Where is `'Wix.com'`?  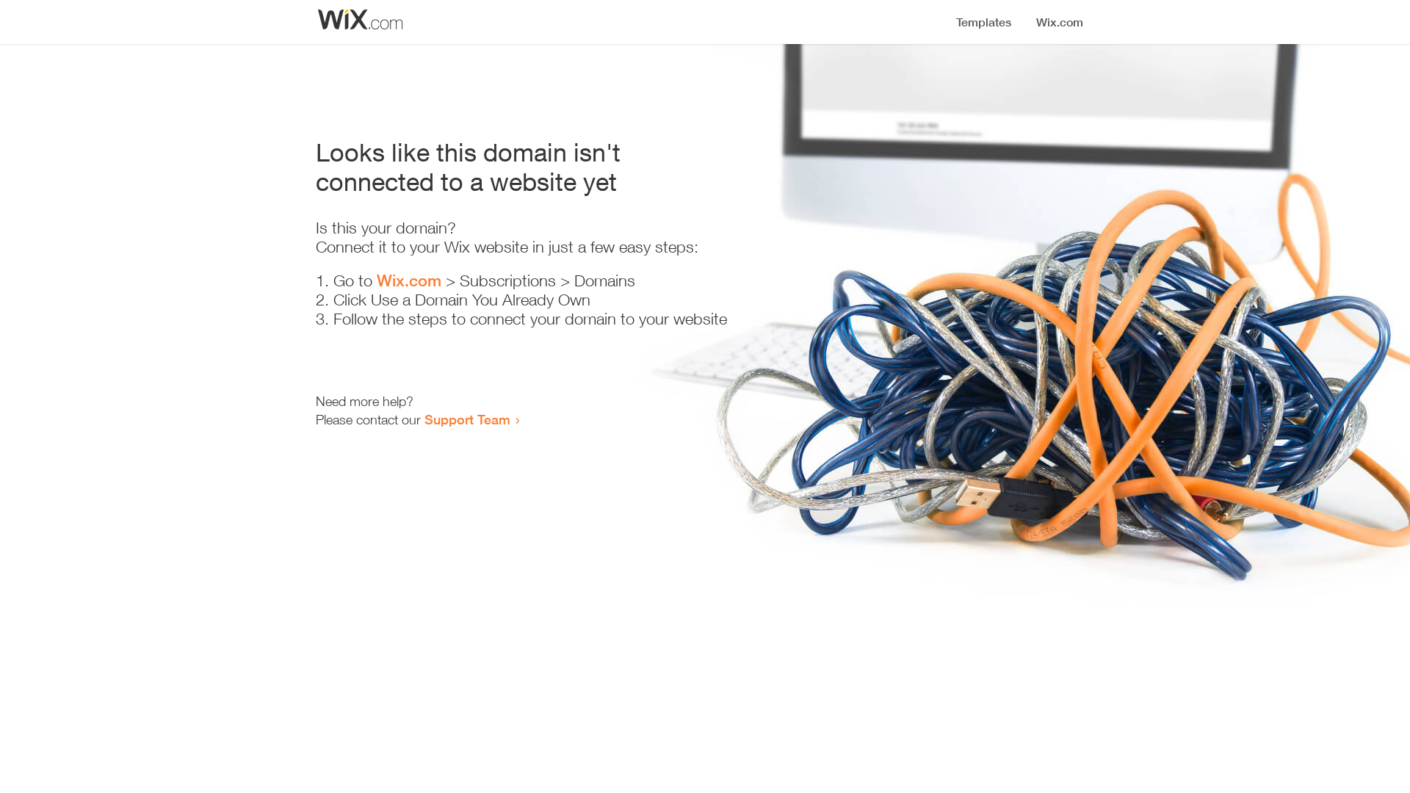 'Wix.com' is located at coordinates (408, 280).